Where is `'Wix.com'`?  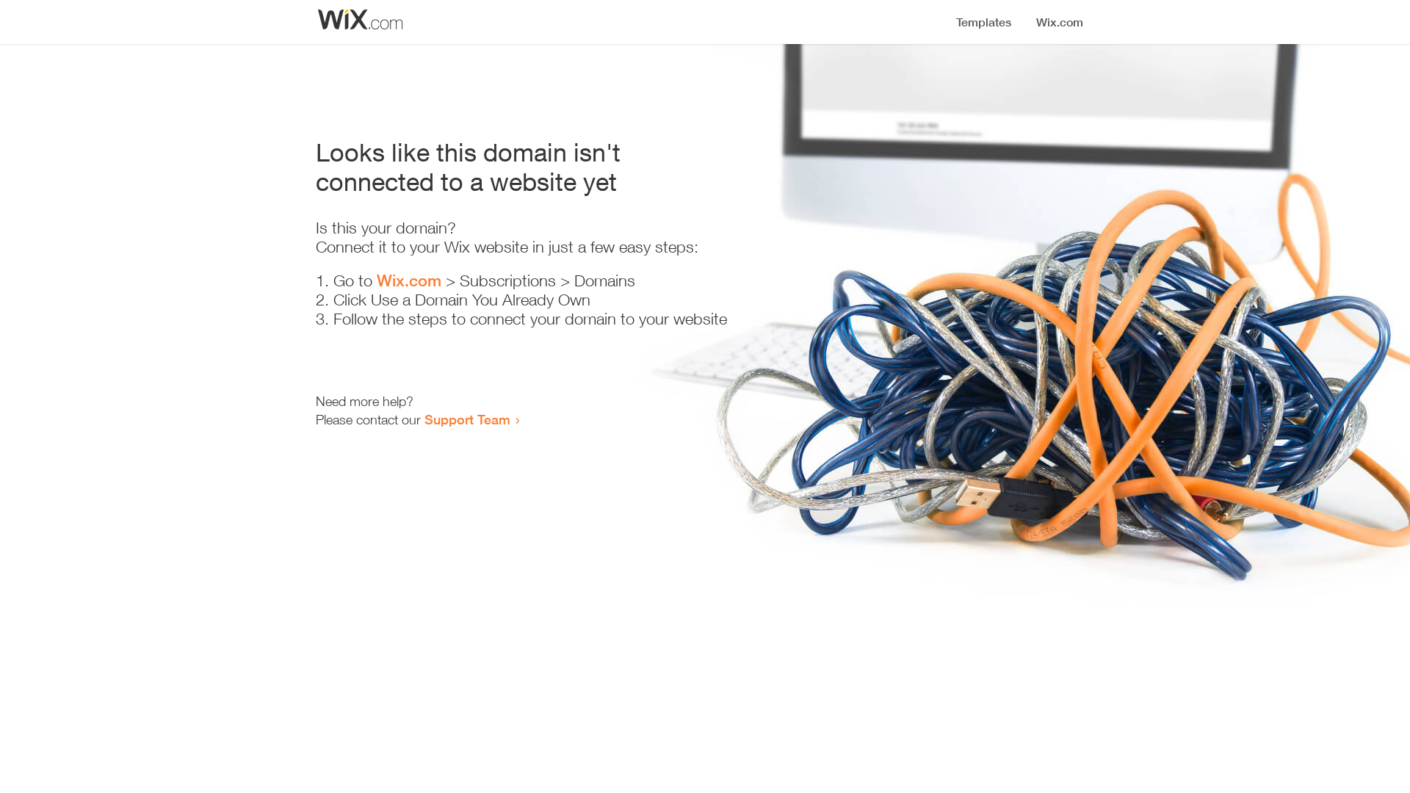 'Wix.com' is located at coordinates (408, 280).